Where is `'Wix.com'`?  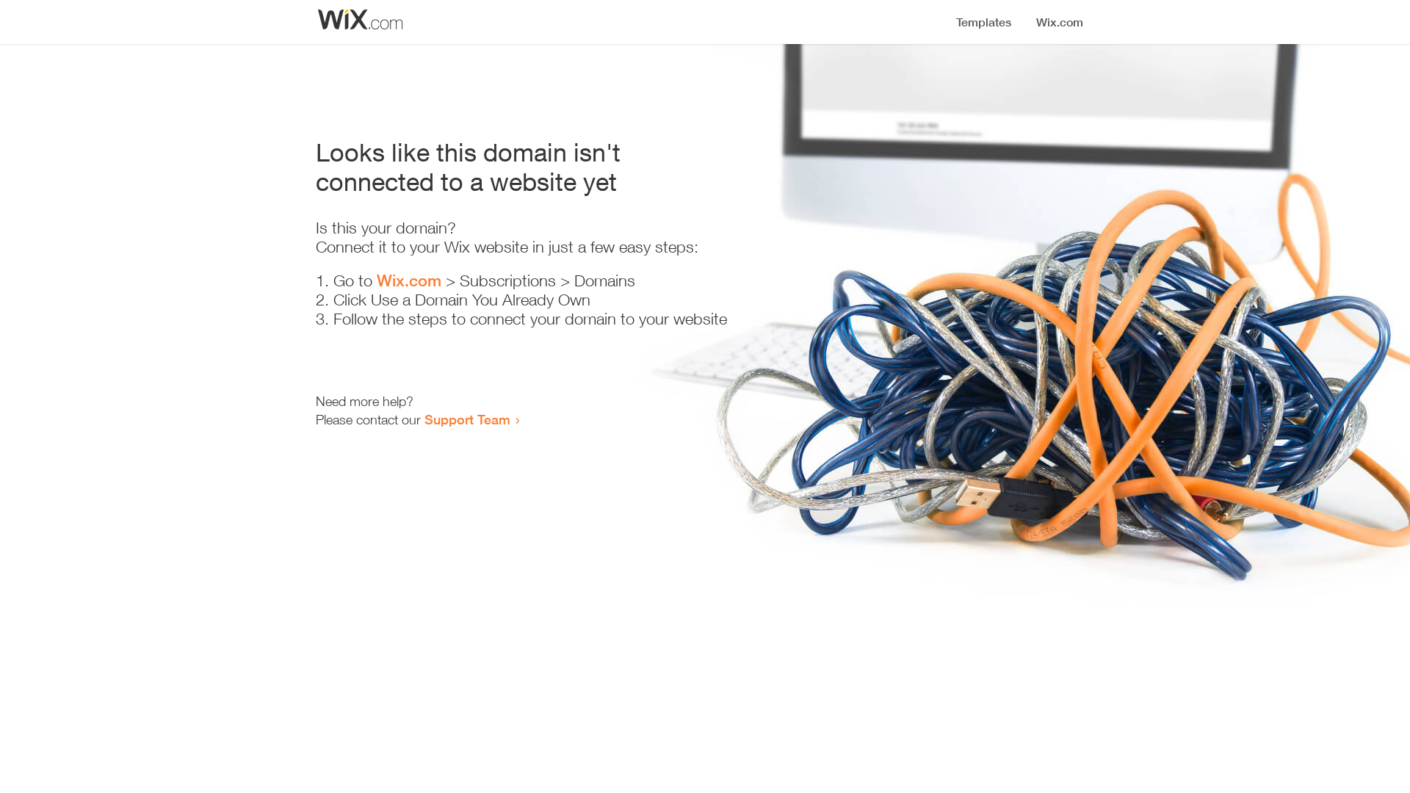 'Wix.com' is located at coordinates (408, 280).